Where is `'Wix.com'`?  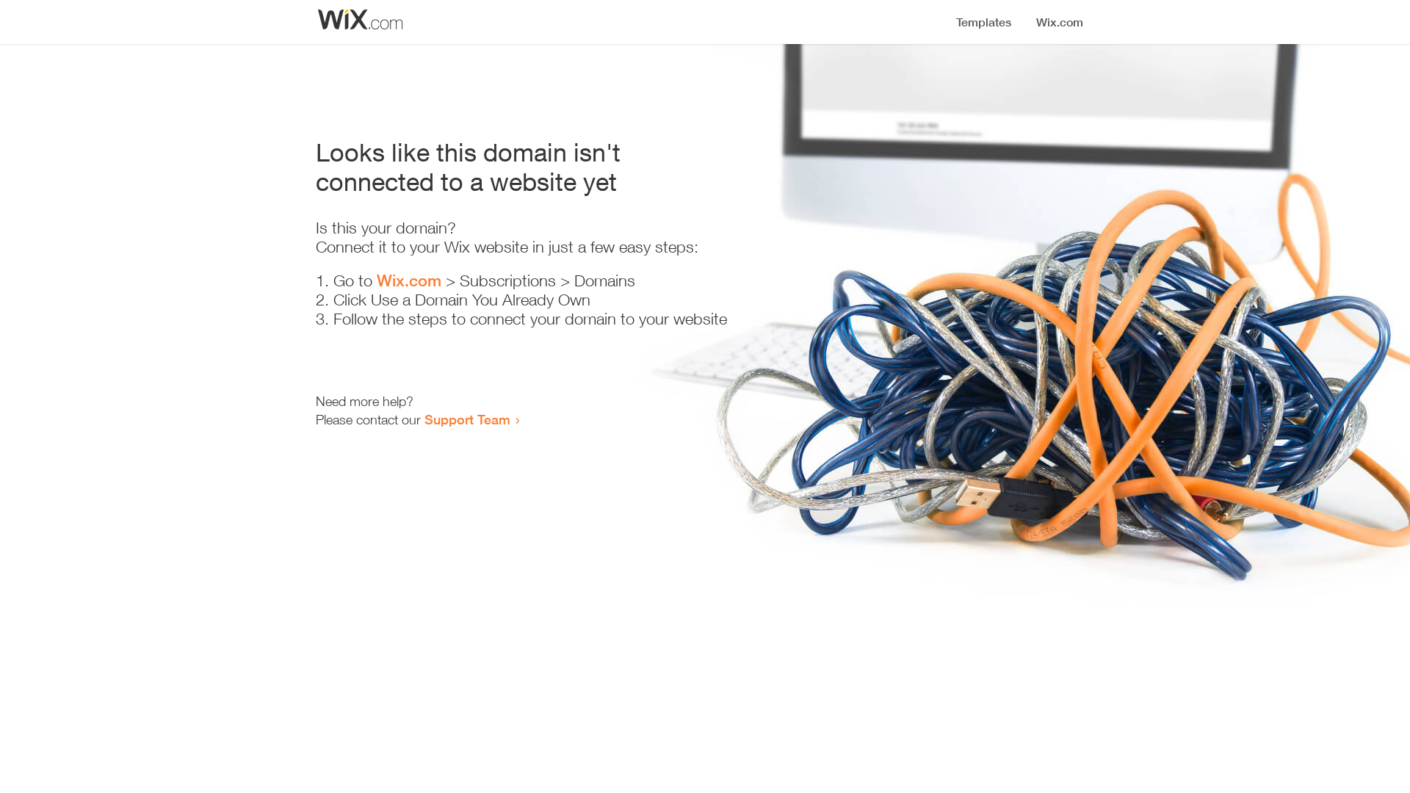 'Wix.com' is located at coordinates (408, 280).